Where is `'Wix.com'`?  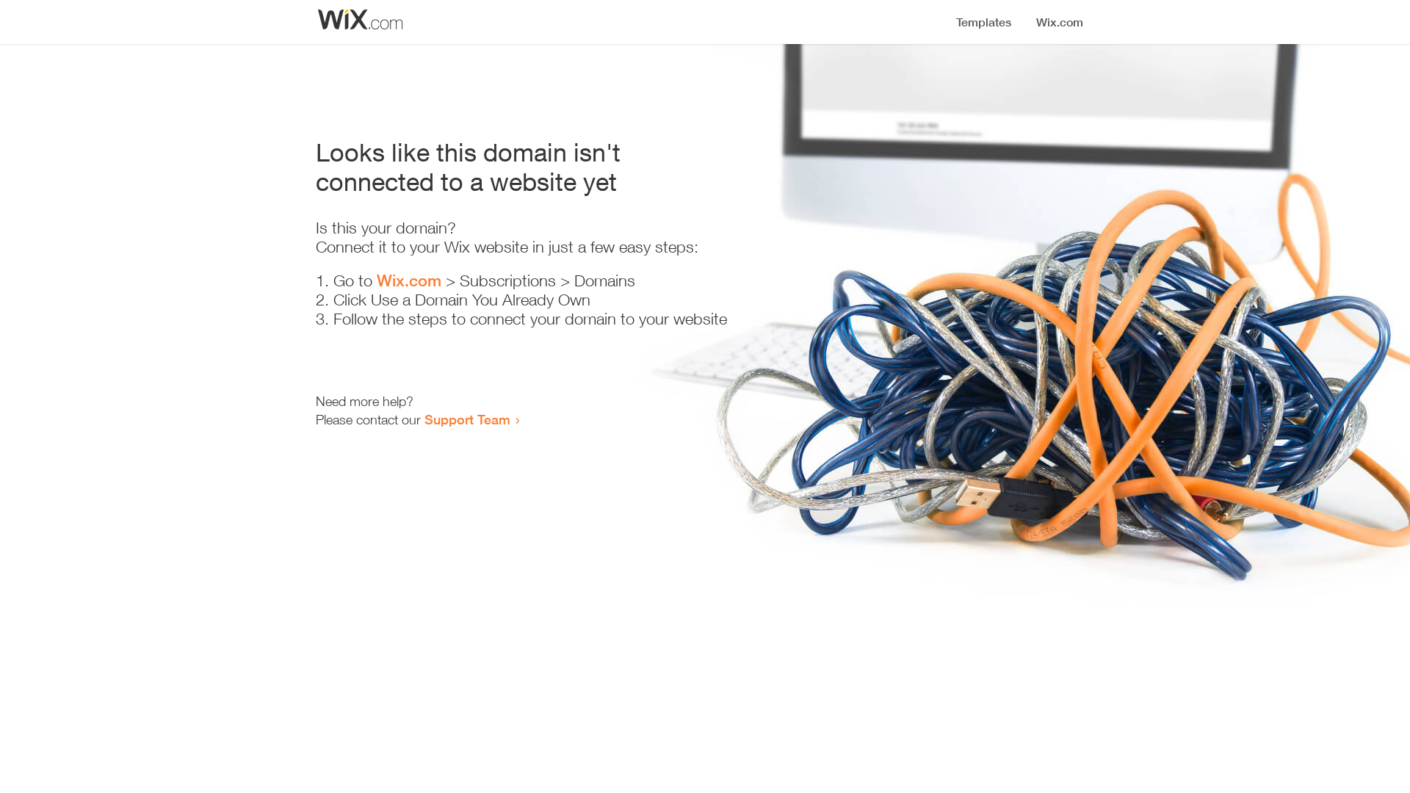 'Wix.com' is located at coordinates (408, 280).